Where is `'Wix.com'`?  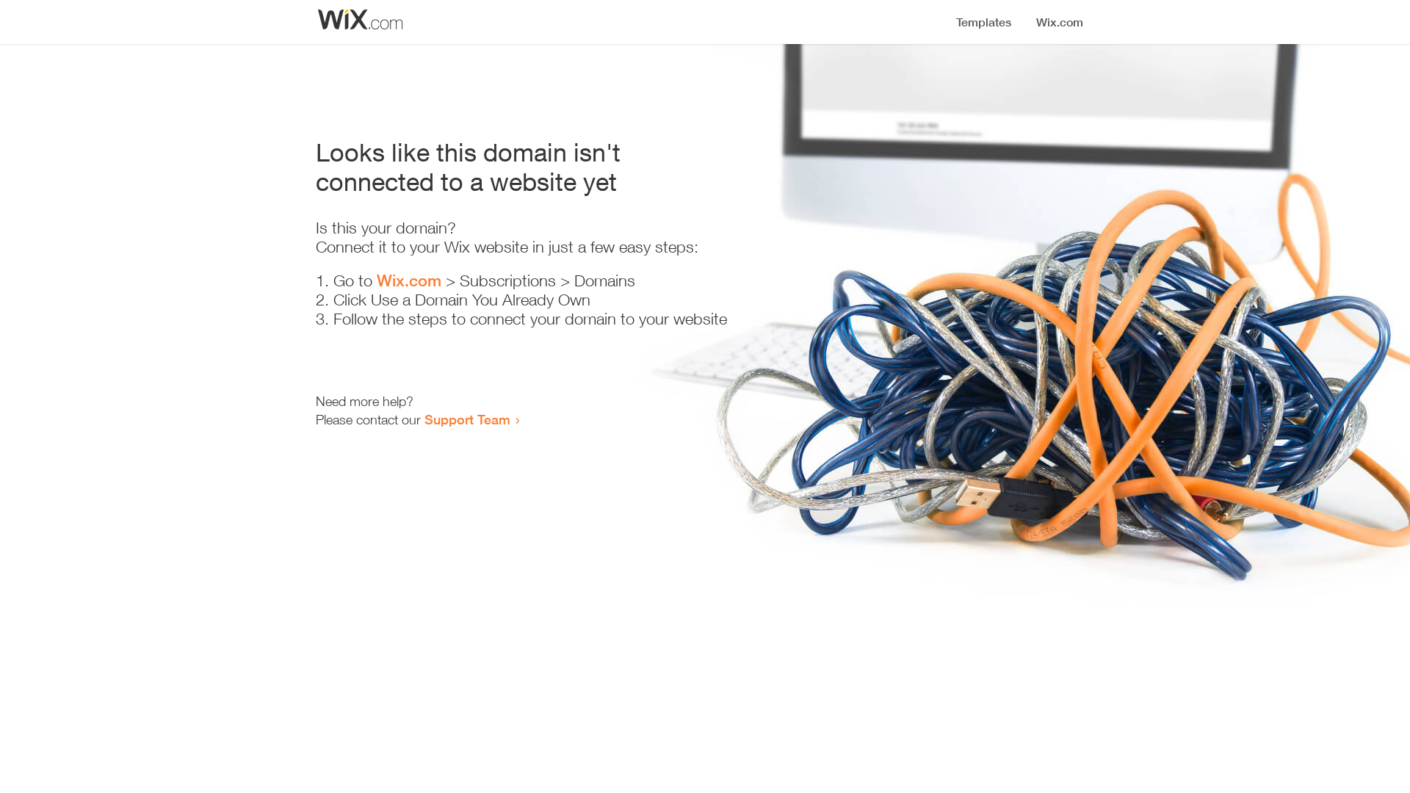 'Wix.com' is located at coordinates (408, 280).